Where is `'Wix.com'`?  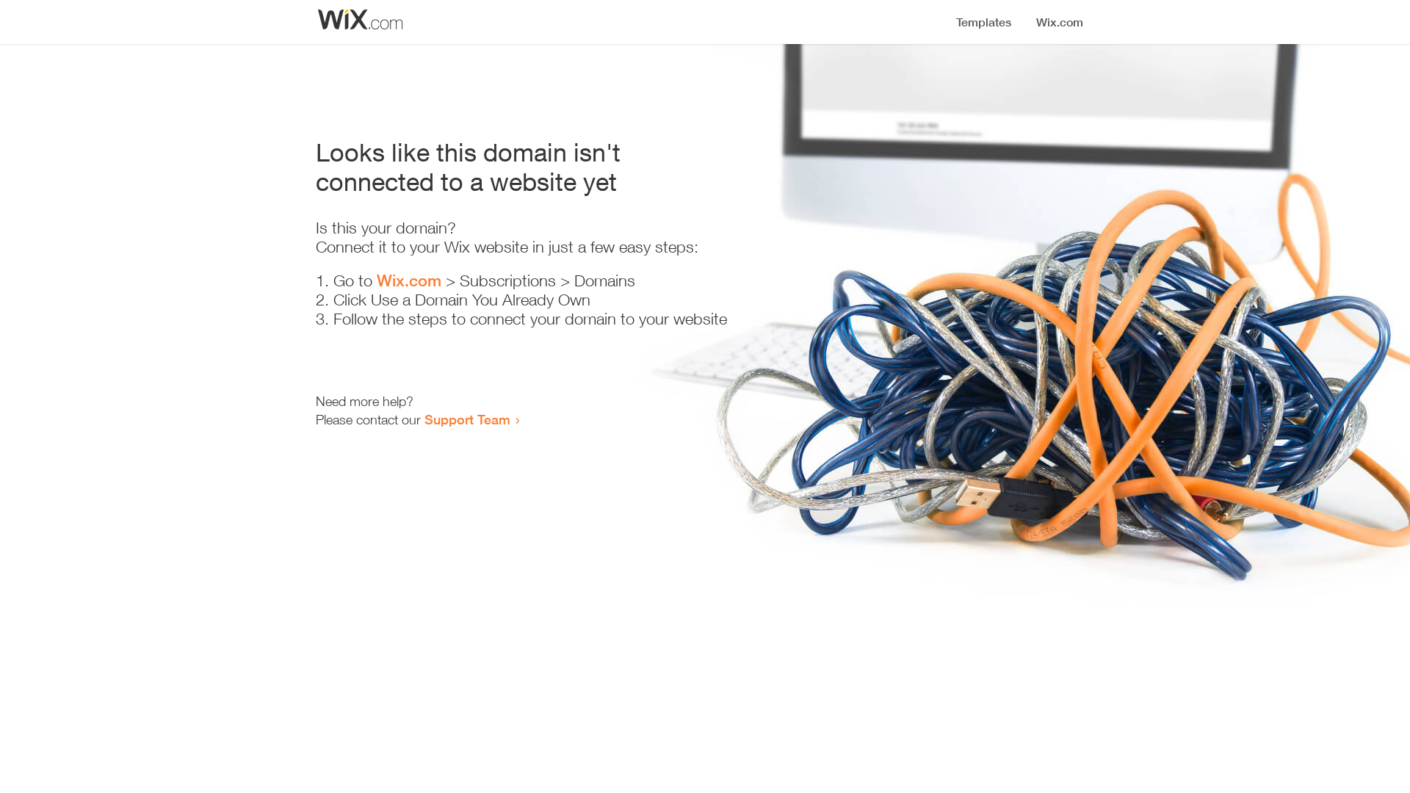 'Wix.com' is located at coordinates (408, 280).